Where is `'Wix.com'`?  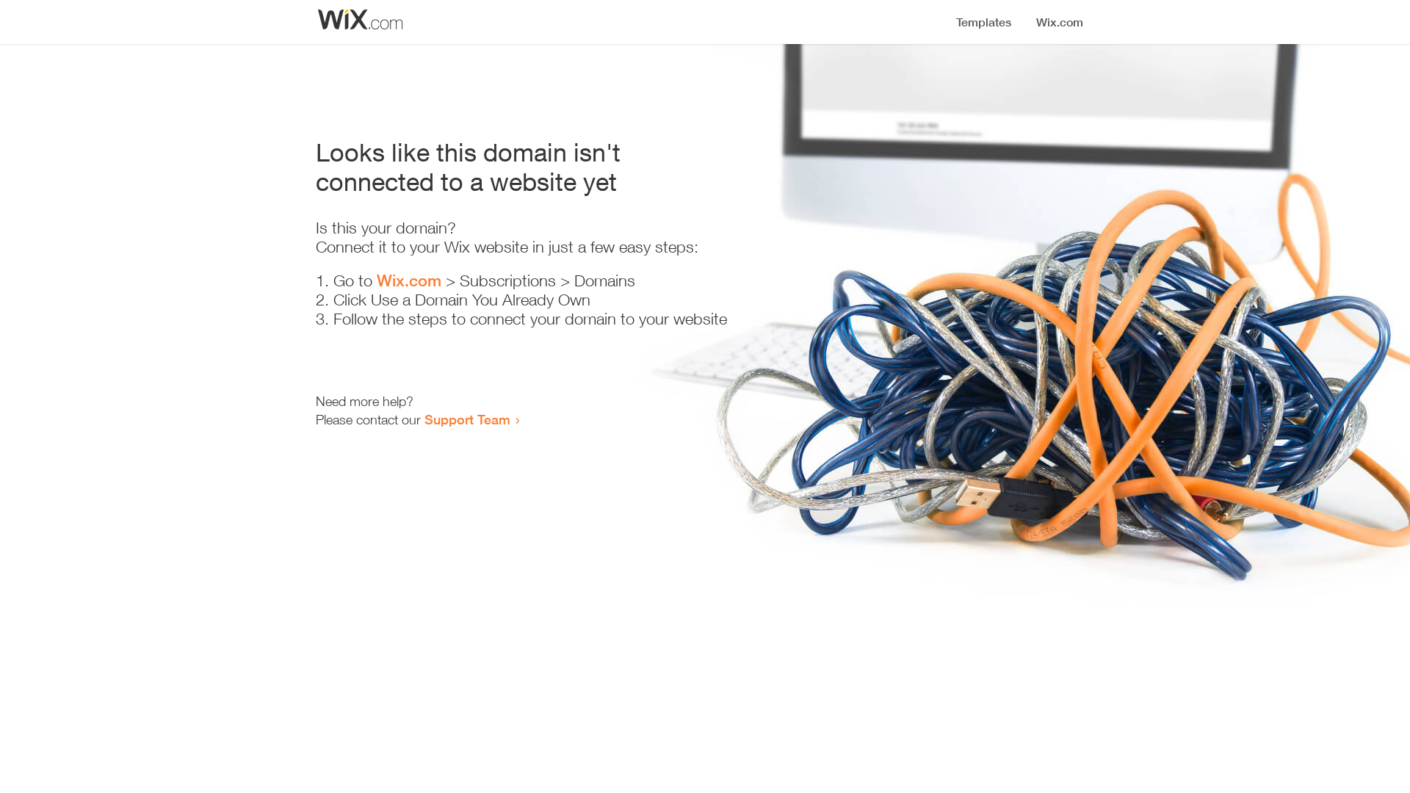 'Wix.com' is located at coordinates (408, 280).